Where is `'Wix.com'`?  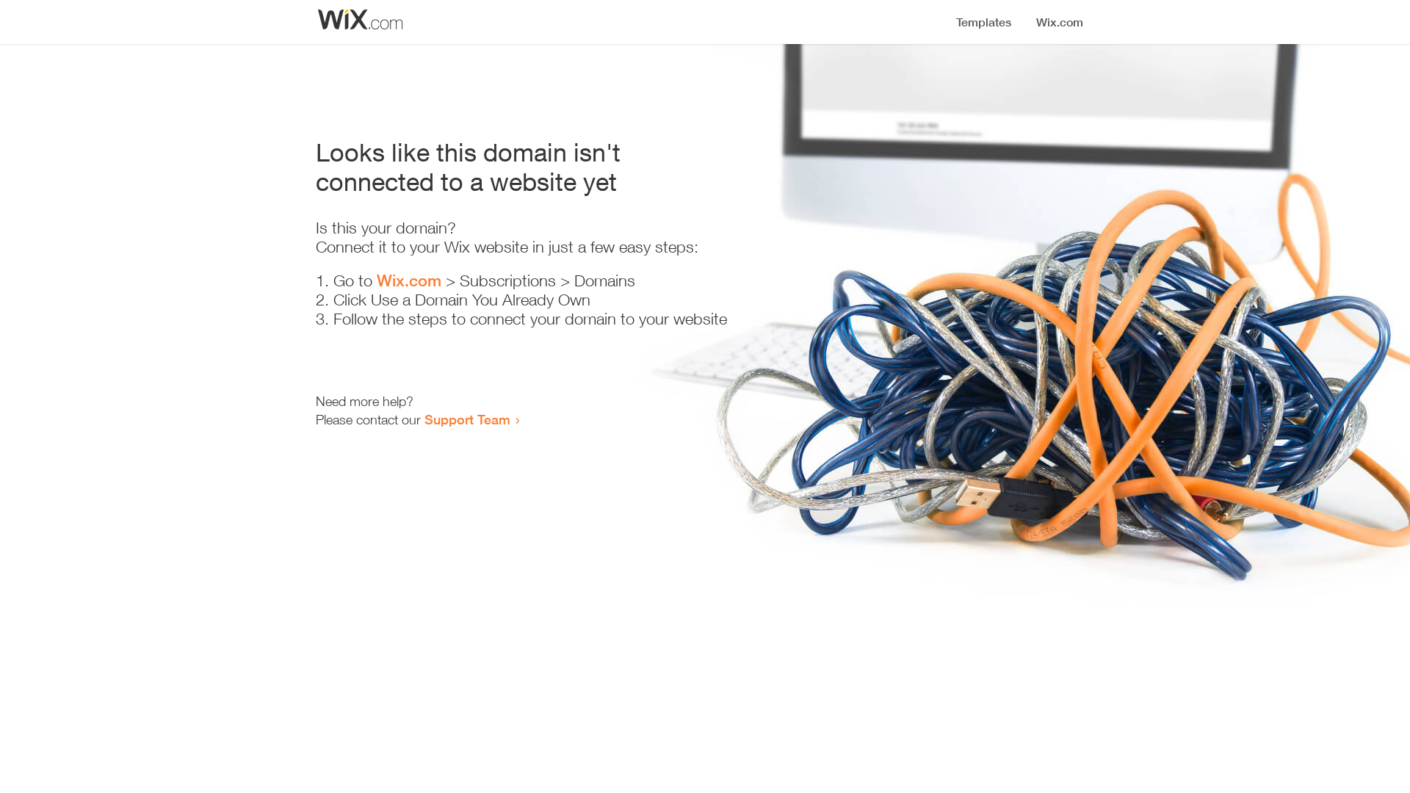 'Wix.com' is located at coordinates (408, 280).